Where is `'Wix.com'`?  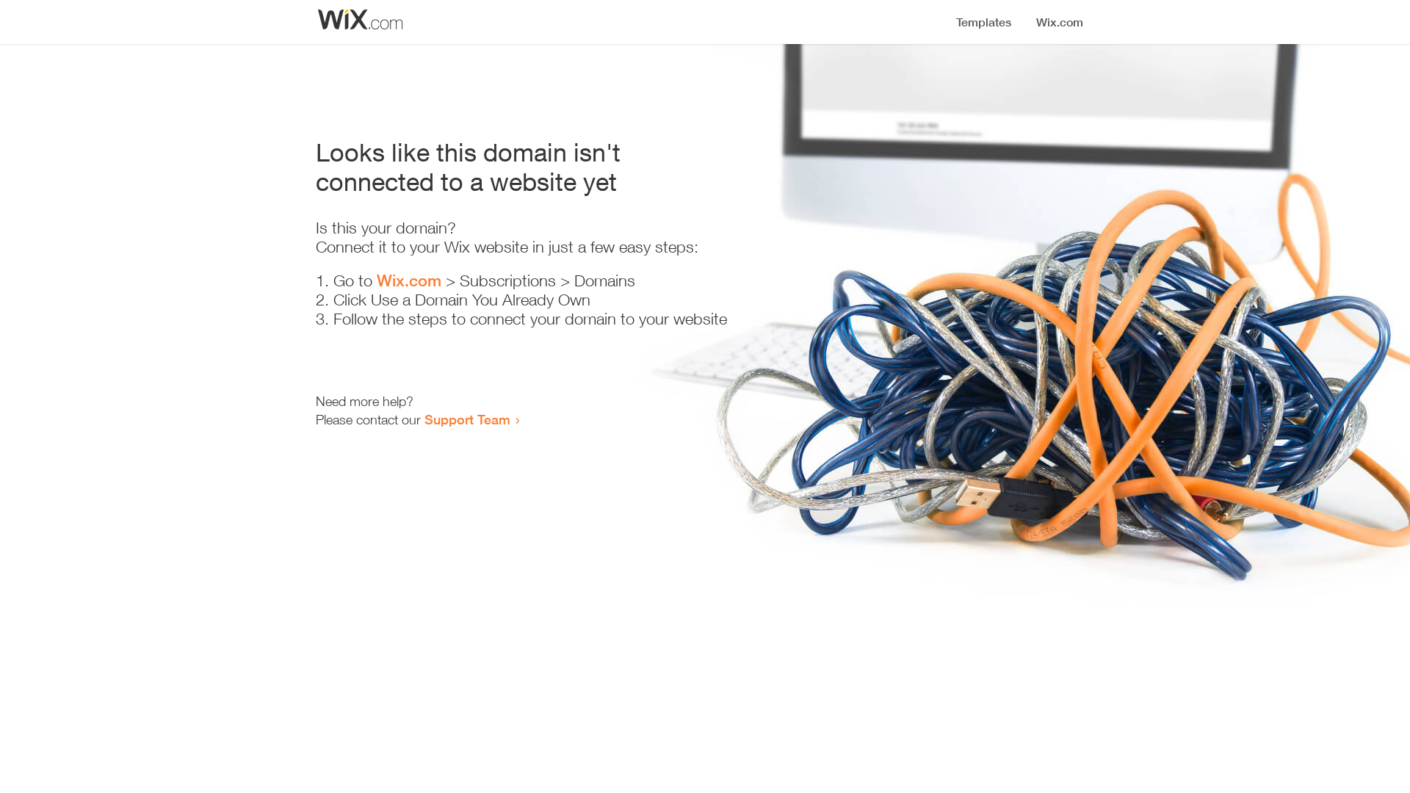 'Wix.com' is located at coordinates (408, 280).